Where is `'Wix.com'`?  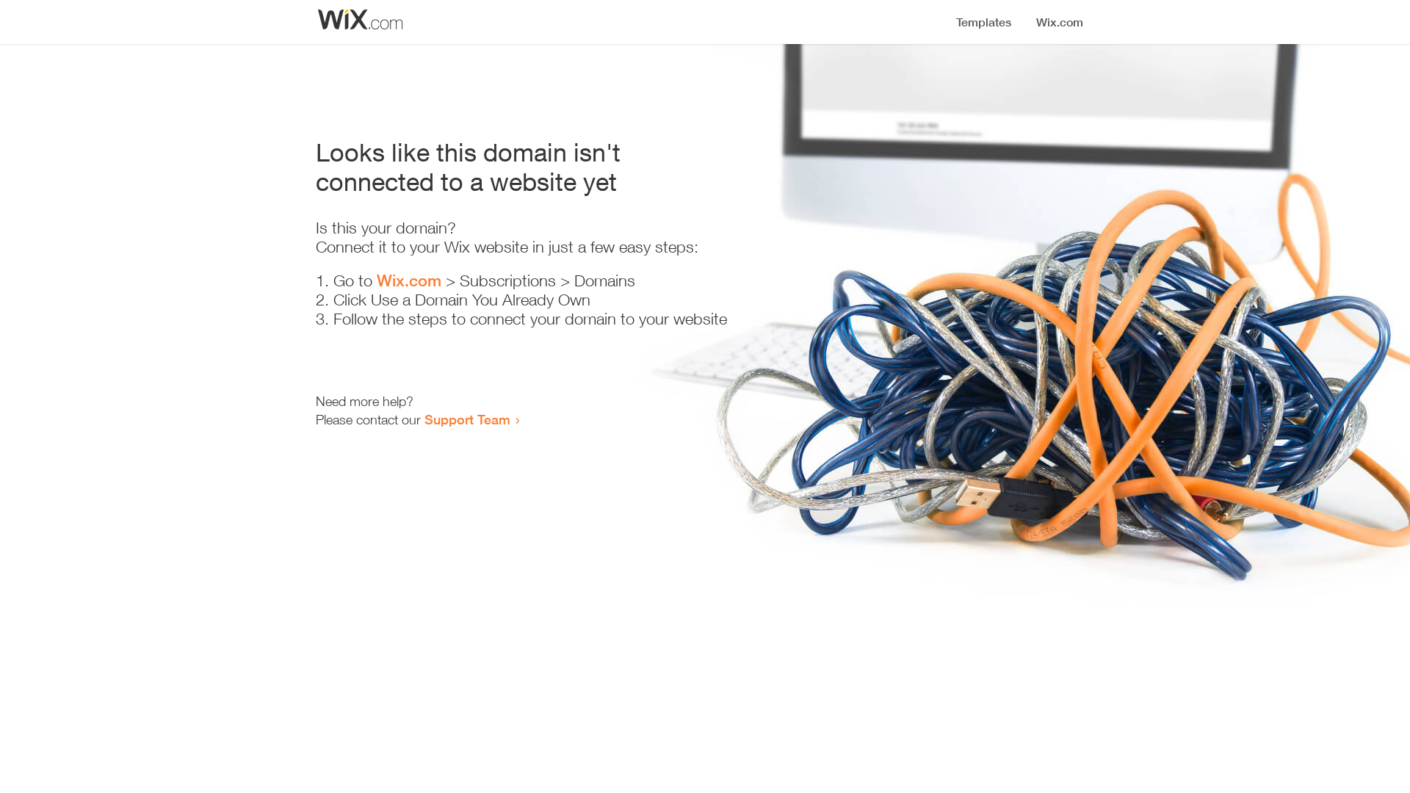 'Wix.com' is located at coordinates (408, 280).